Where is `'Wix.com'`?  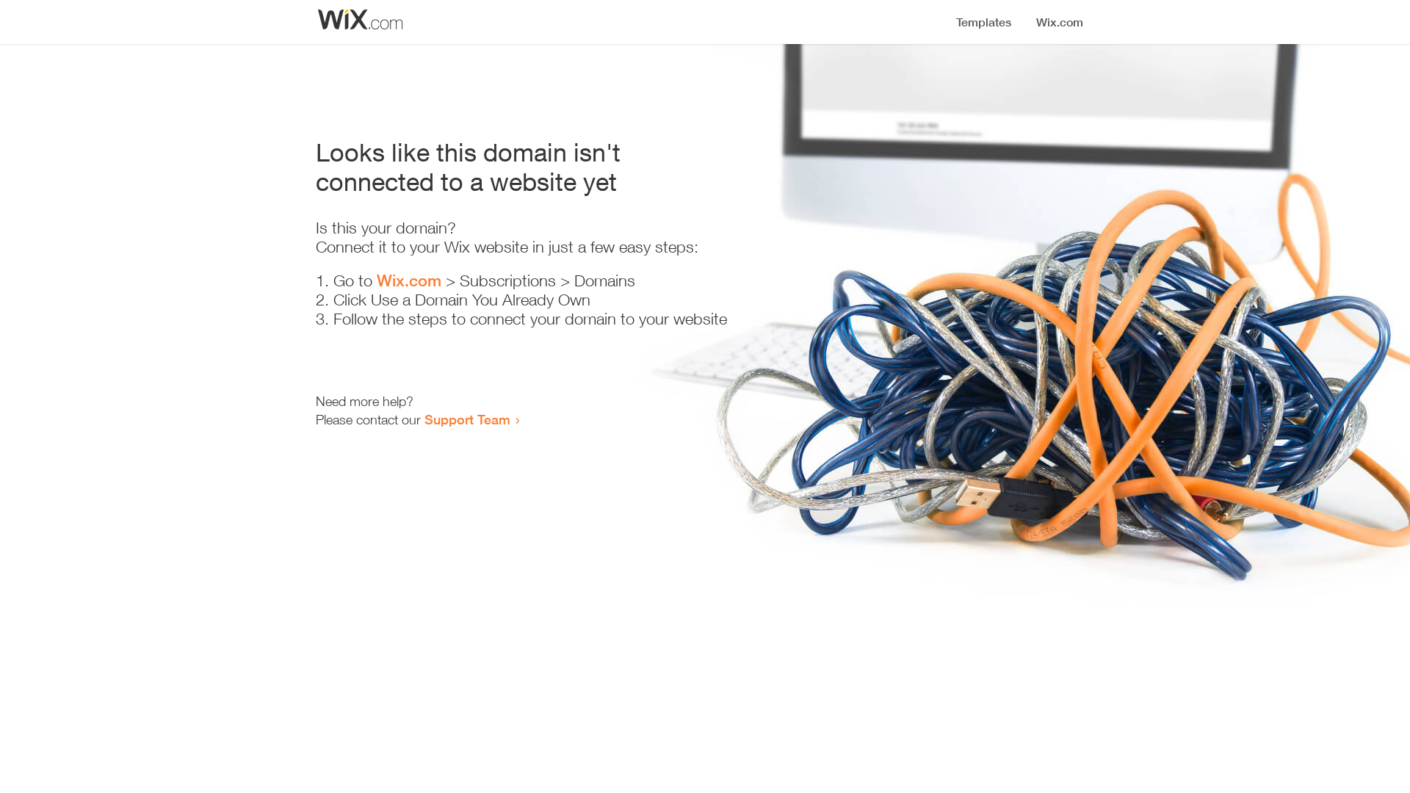 'Wix.com' is located at coordinates (408, 280).